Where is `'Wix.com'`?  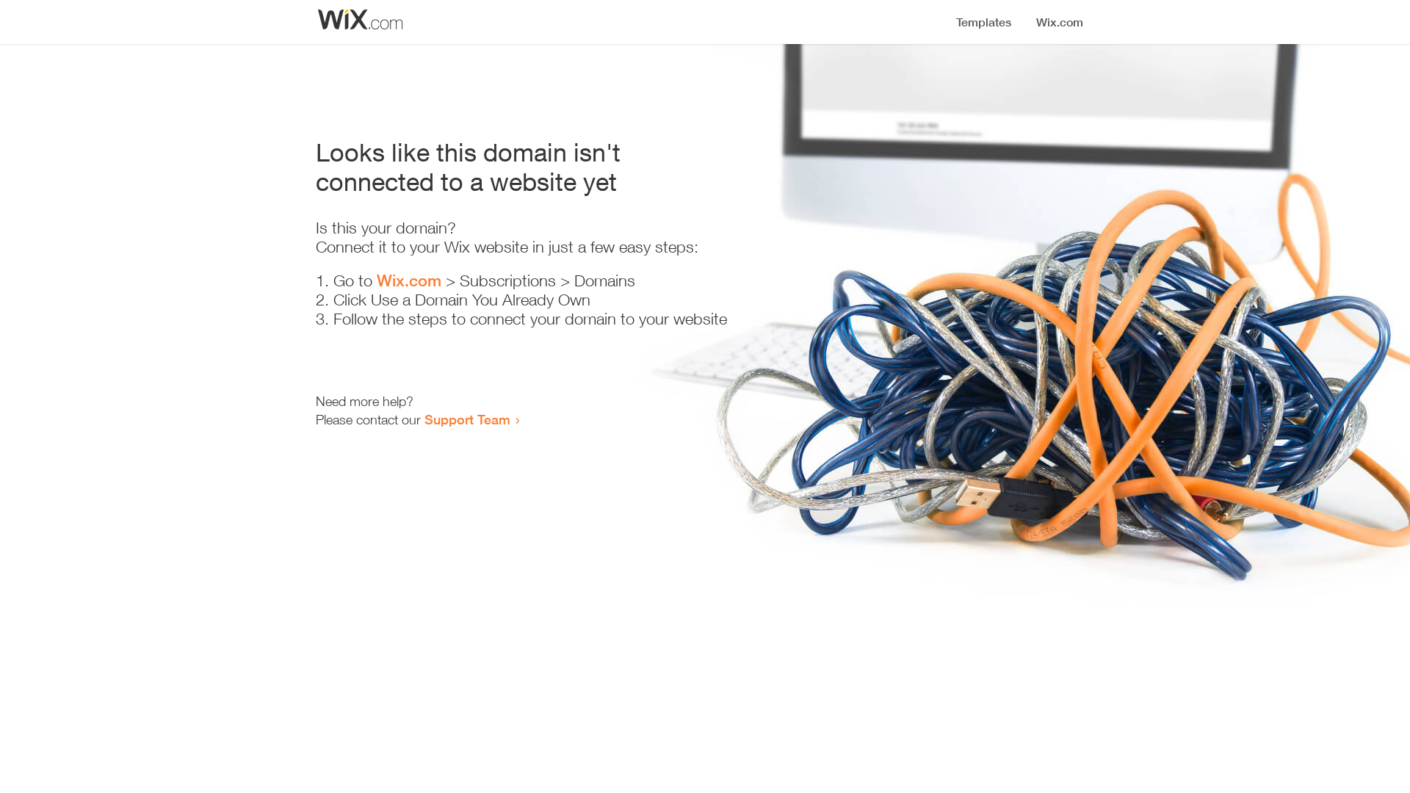 'Wix.com' is located at coordinates (408, 280).